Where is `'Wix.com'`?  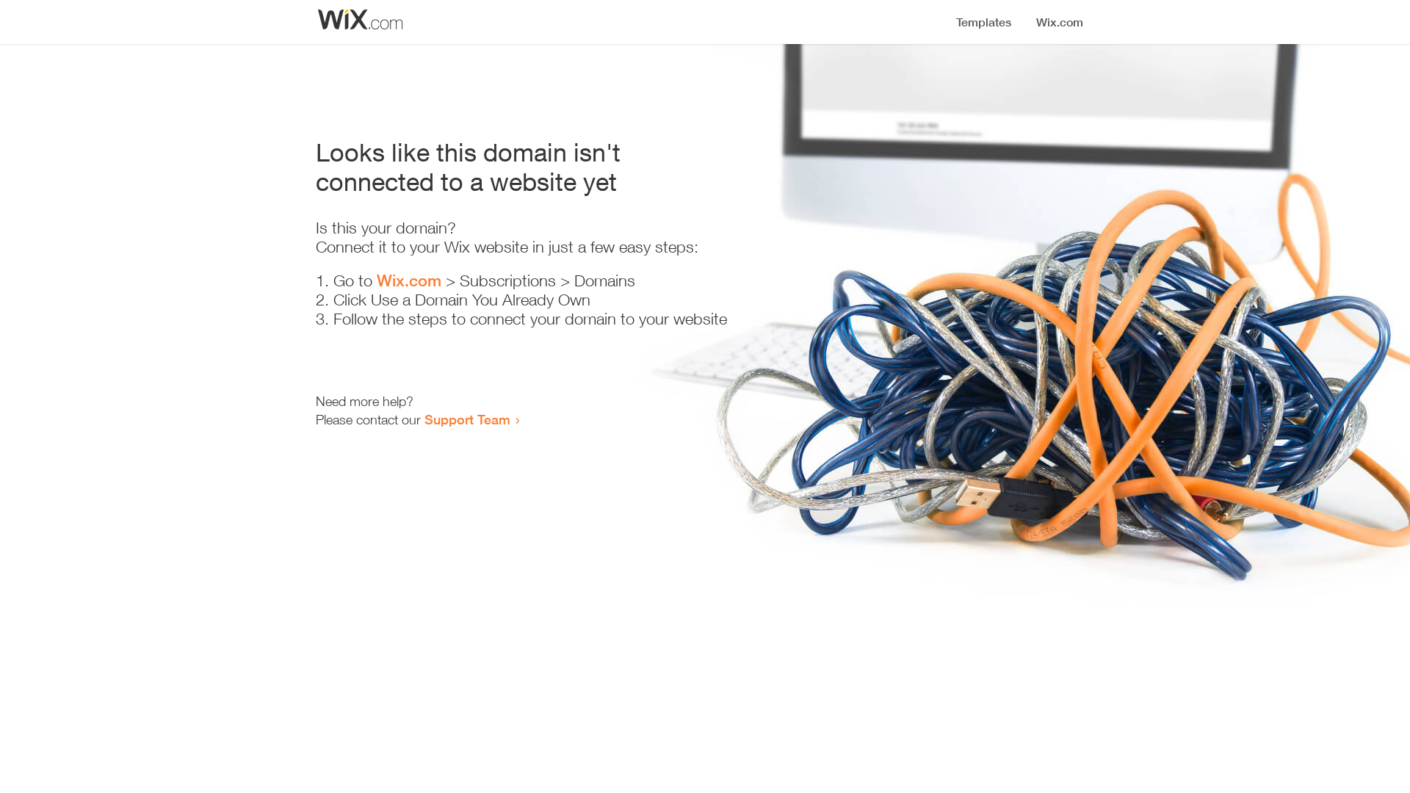 'Wix.com' is located at coordinates (408, 280).